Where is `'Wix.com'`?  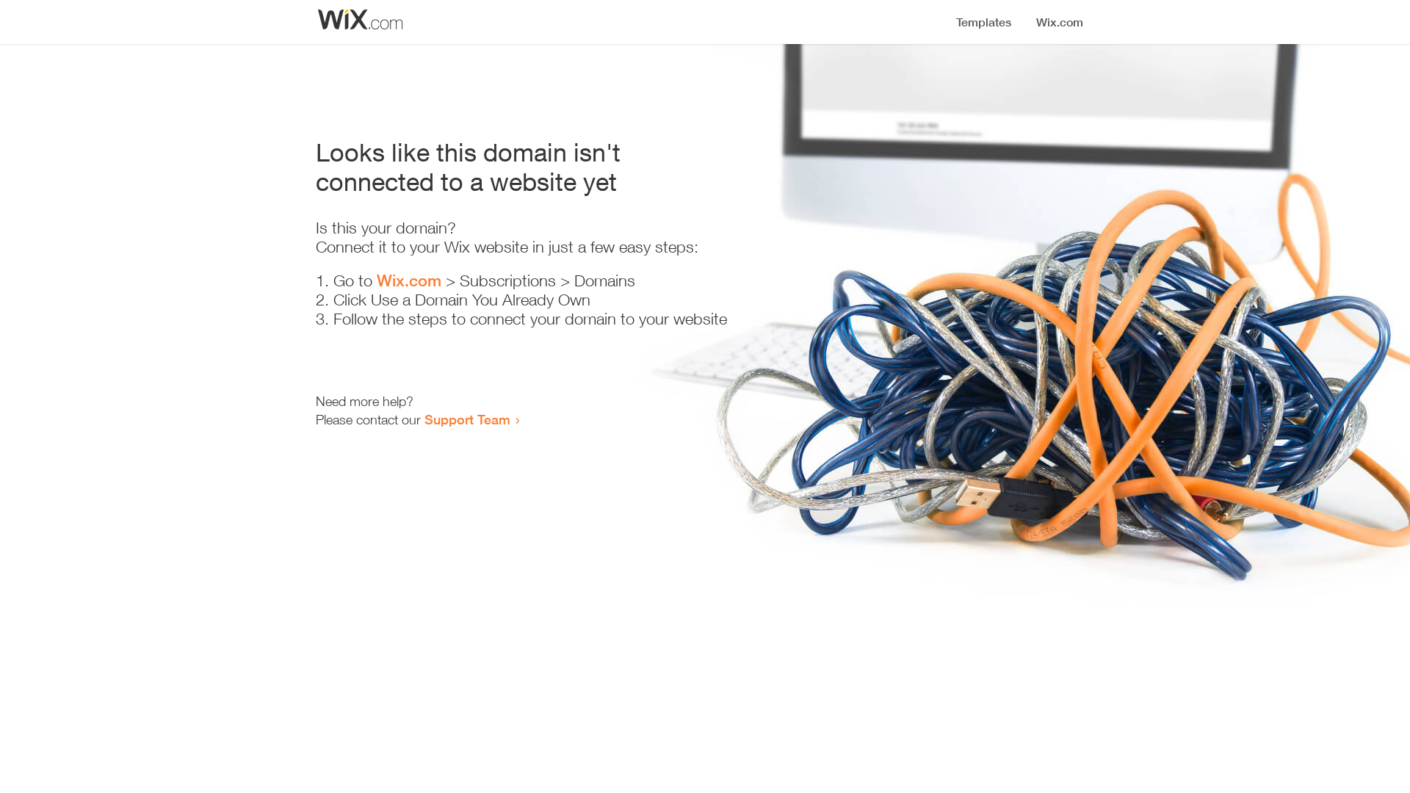 'Wix.com' is located at coordinates (408, 280).